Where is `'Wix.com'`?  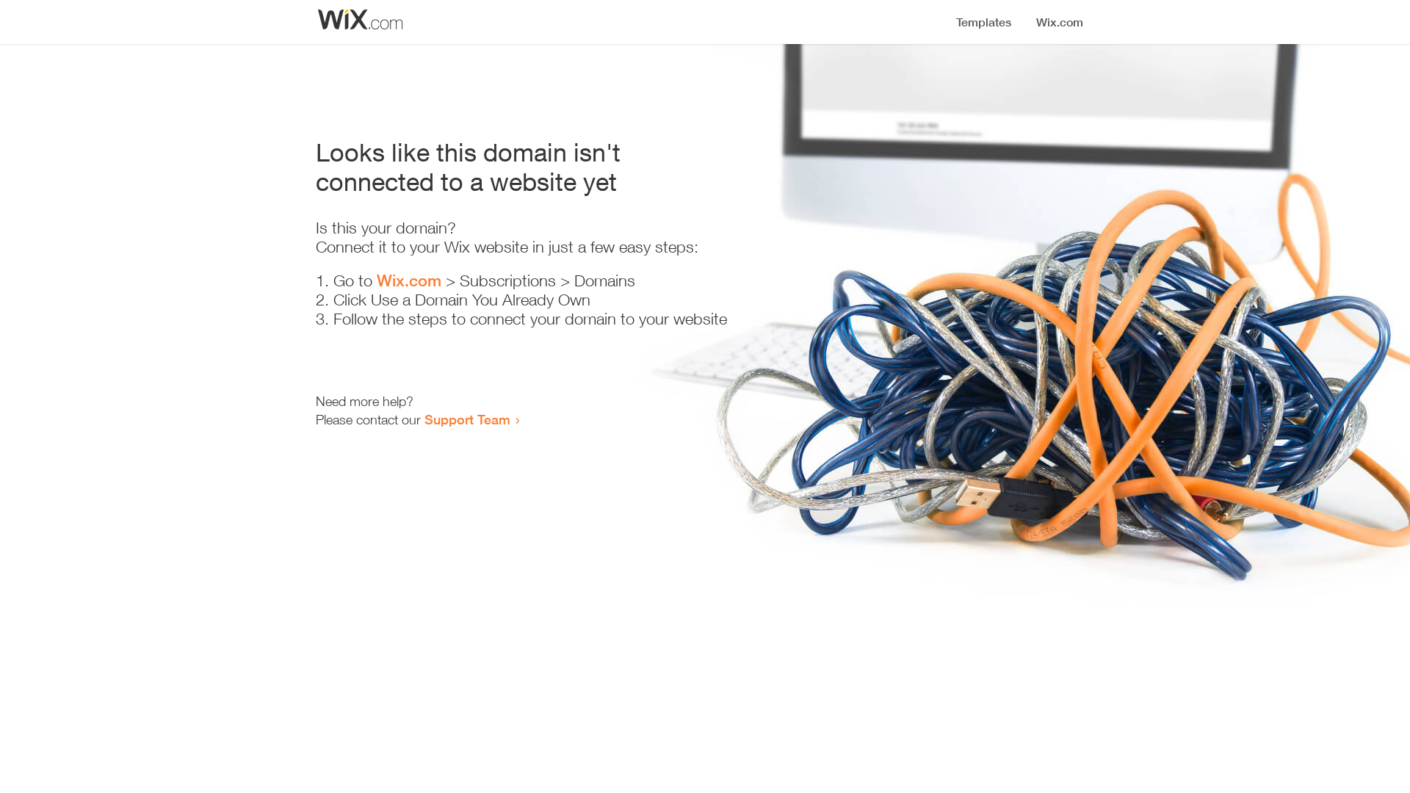 'Wix.com' is located at coordinates (408, 280).